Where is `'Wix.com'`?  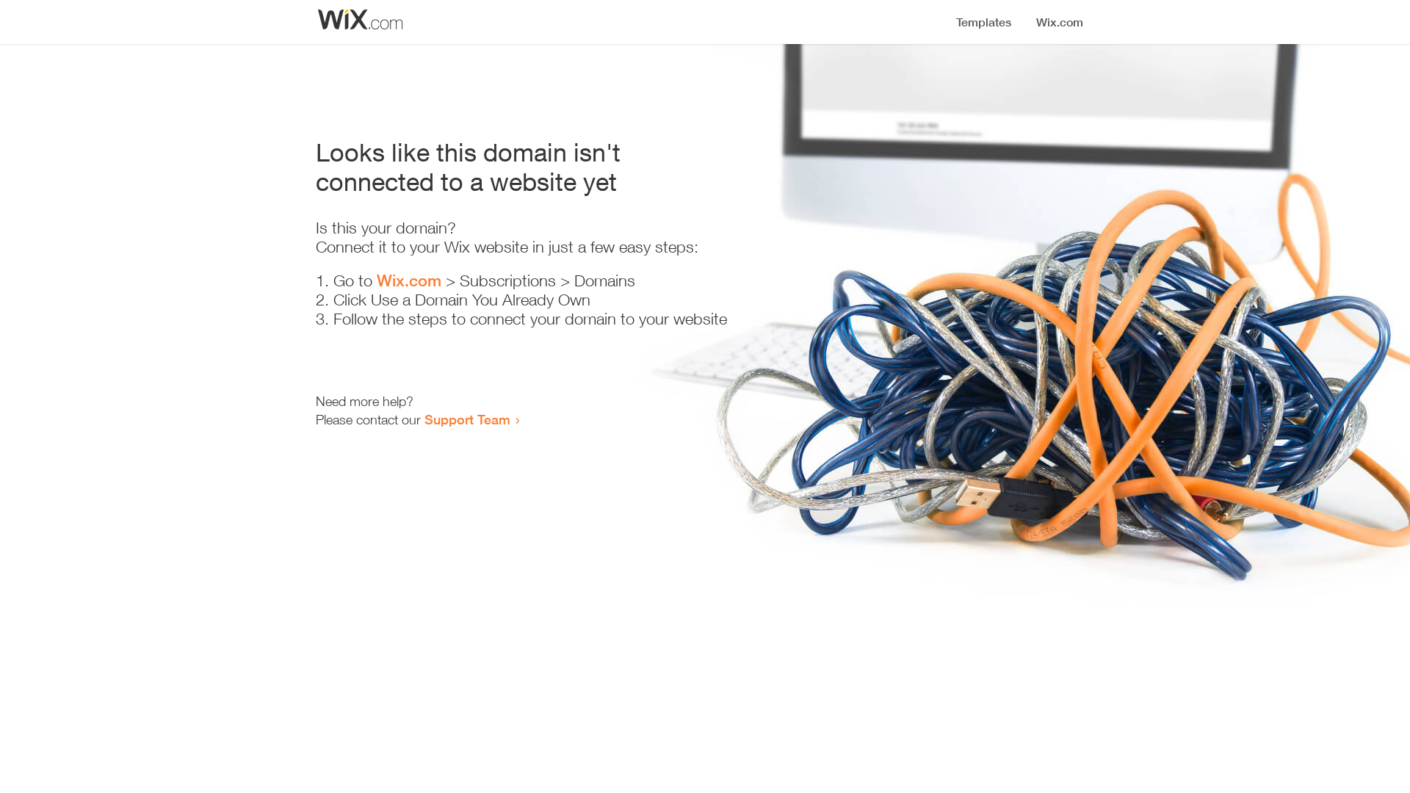 'Wix.com' is located at coordinates (408, 280).